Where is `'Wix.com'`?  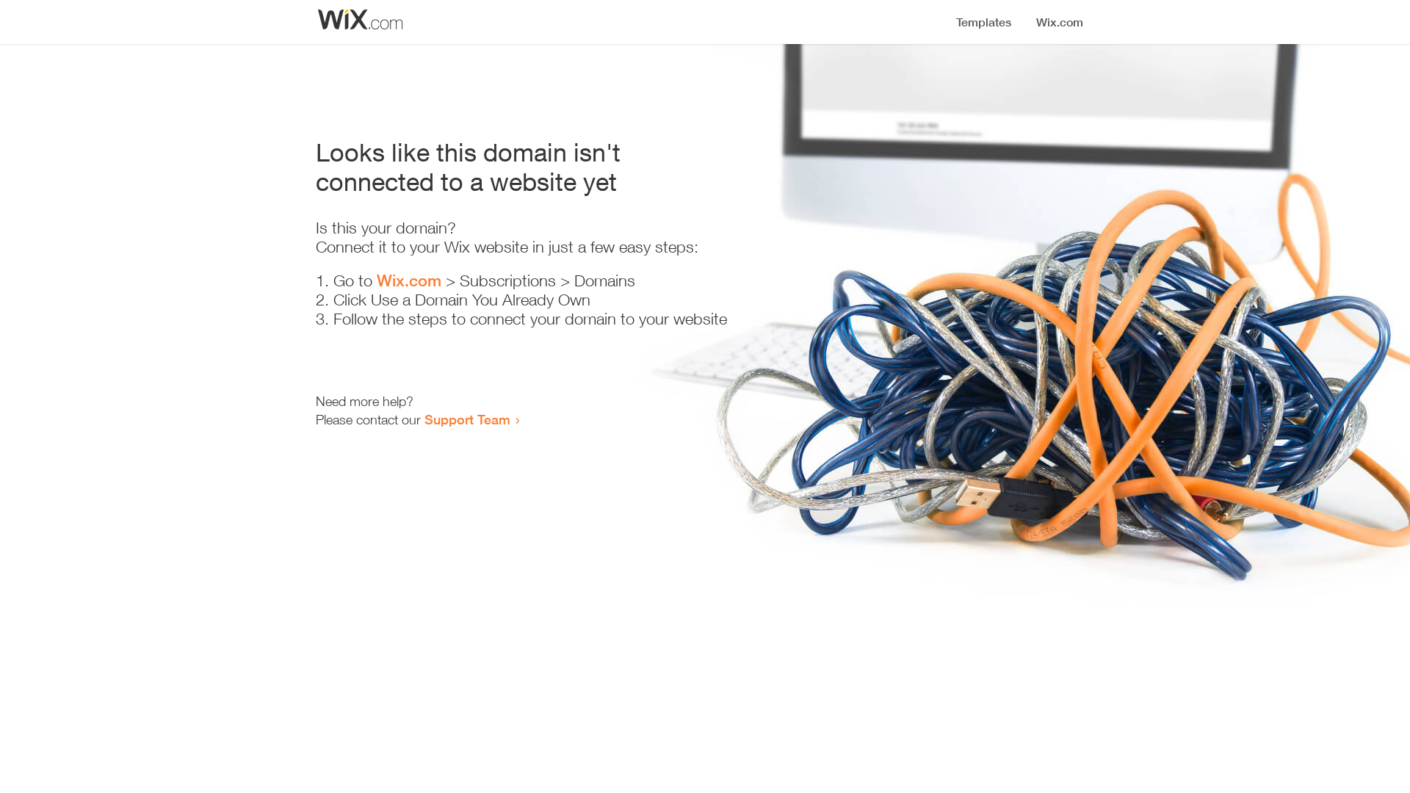 'Wix.com' is located at coordinates (408, 280).